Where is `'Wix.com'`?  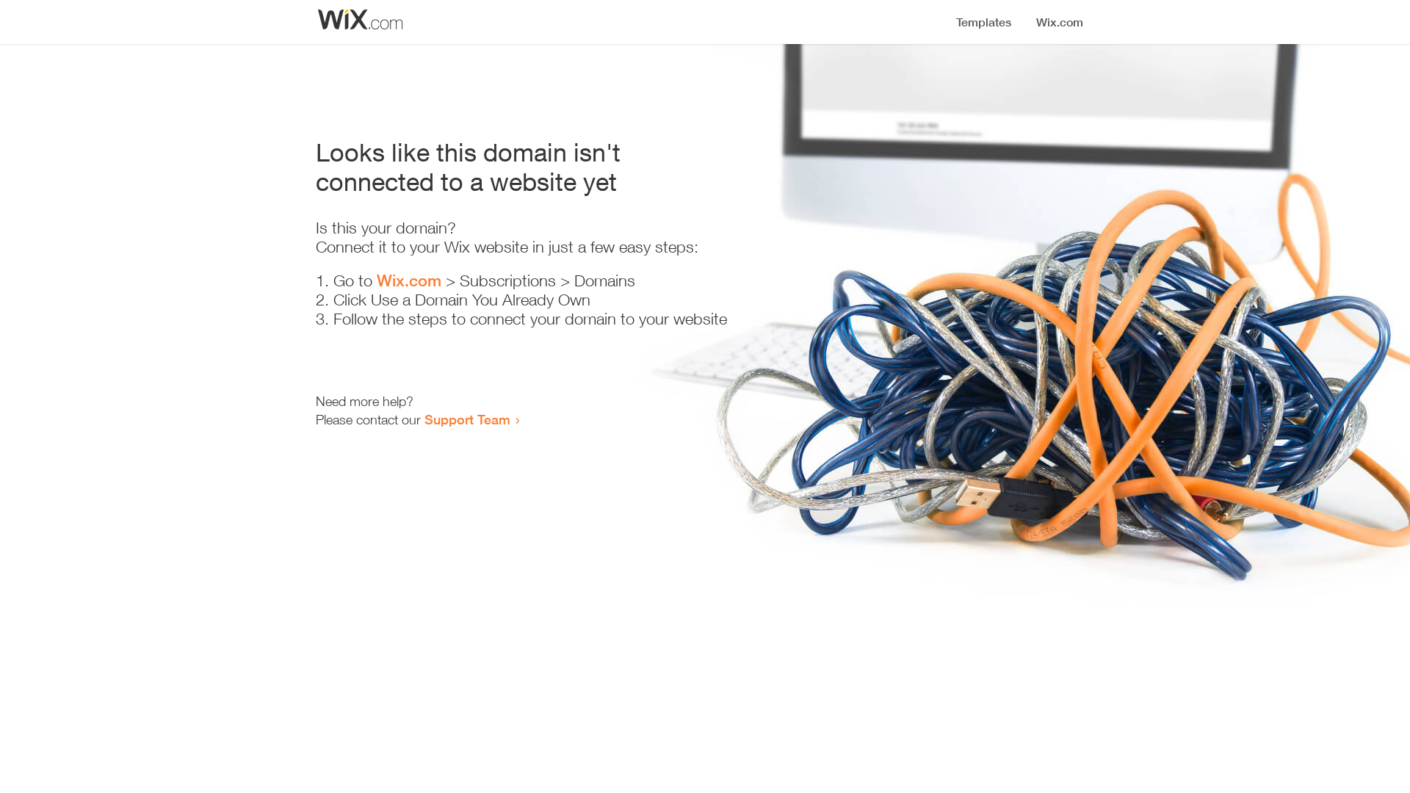 'Wix.com' is located at coordinates (408, 280).